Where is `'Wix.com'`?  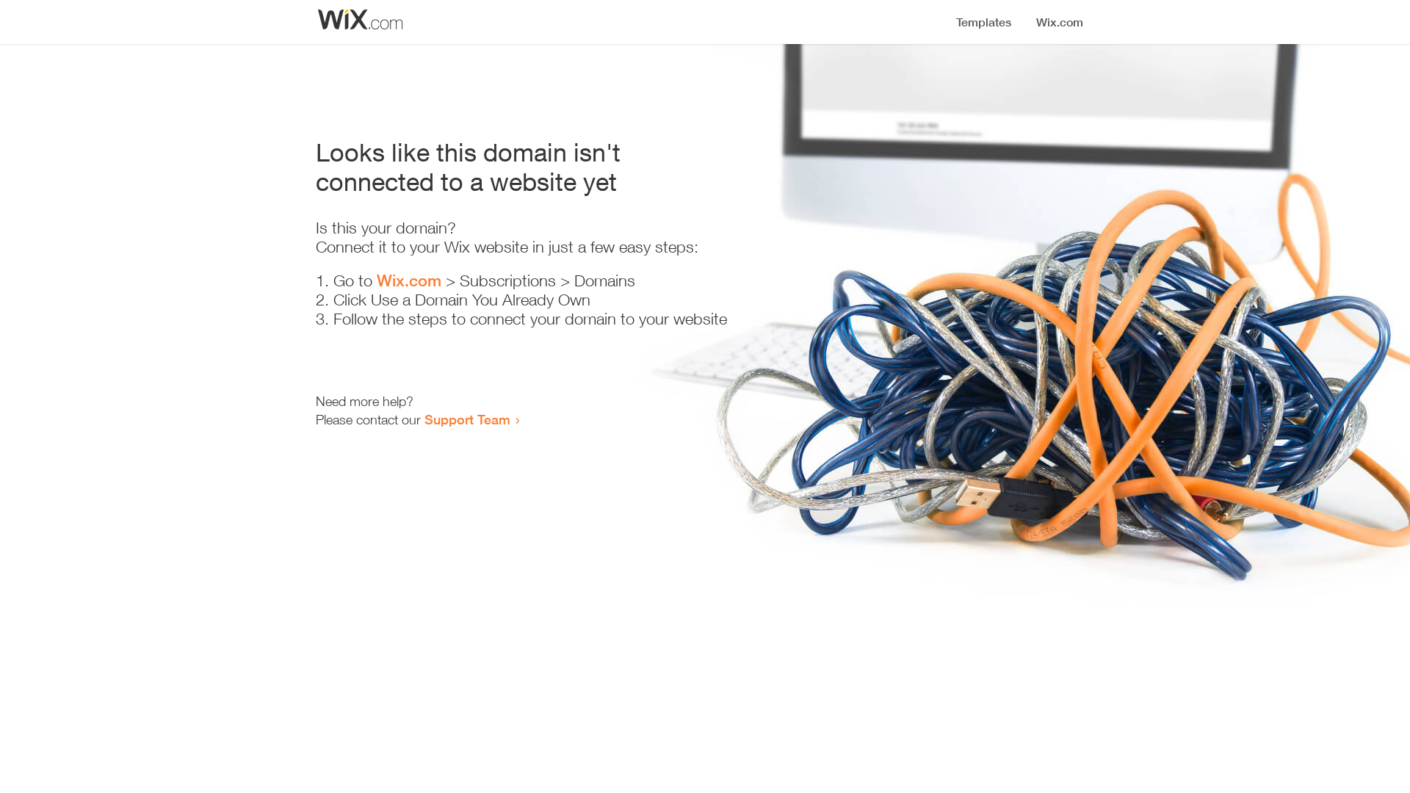 'Wix.com' is located at coordinates (408, 280).